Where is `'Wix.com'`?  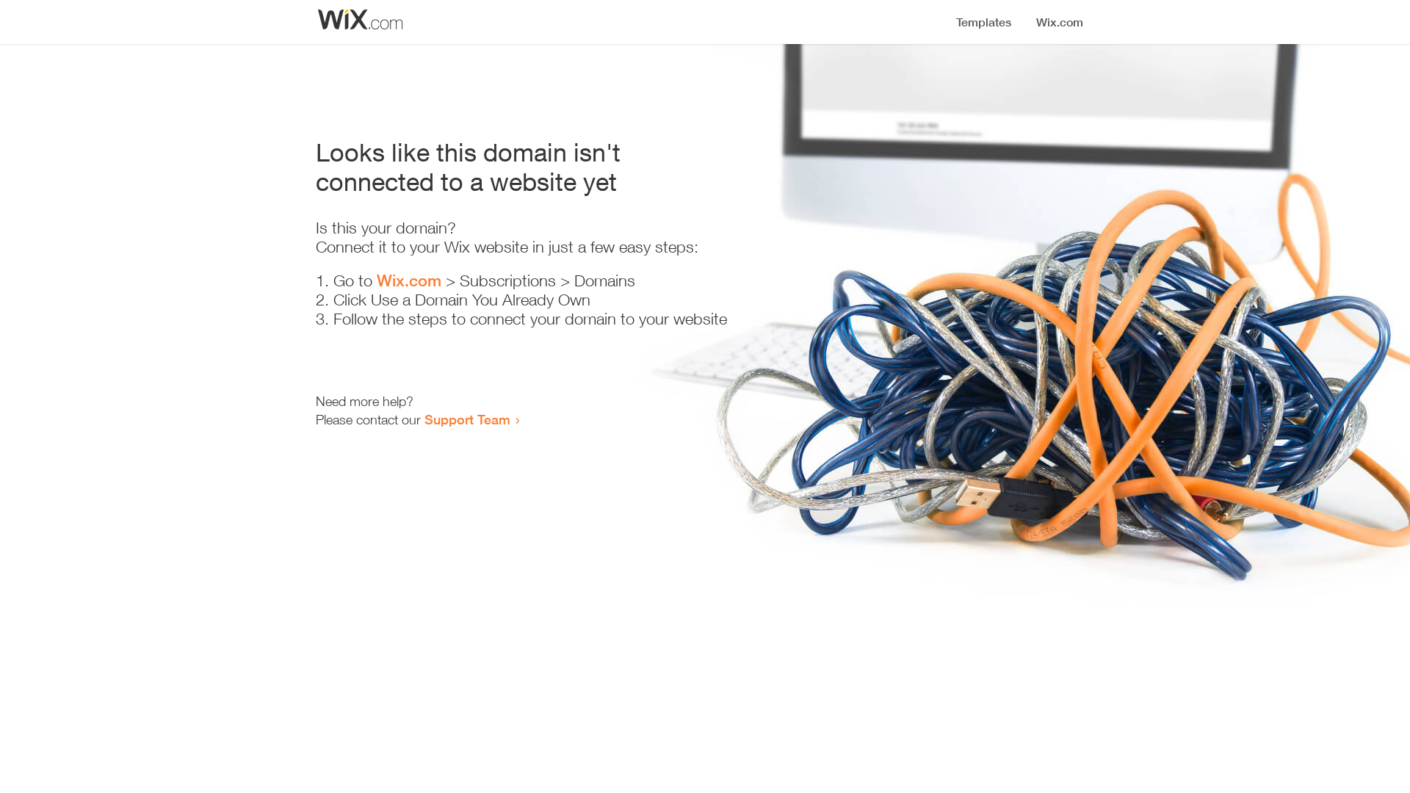 'Wix.com' is located at coordinates (408, 280).